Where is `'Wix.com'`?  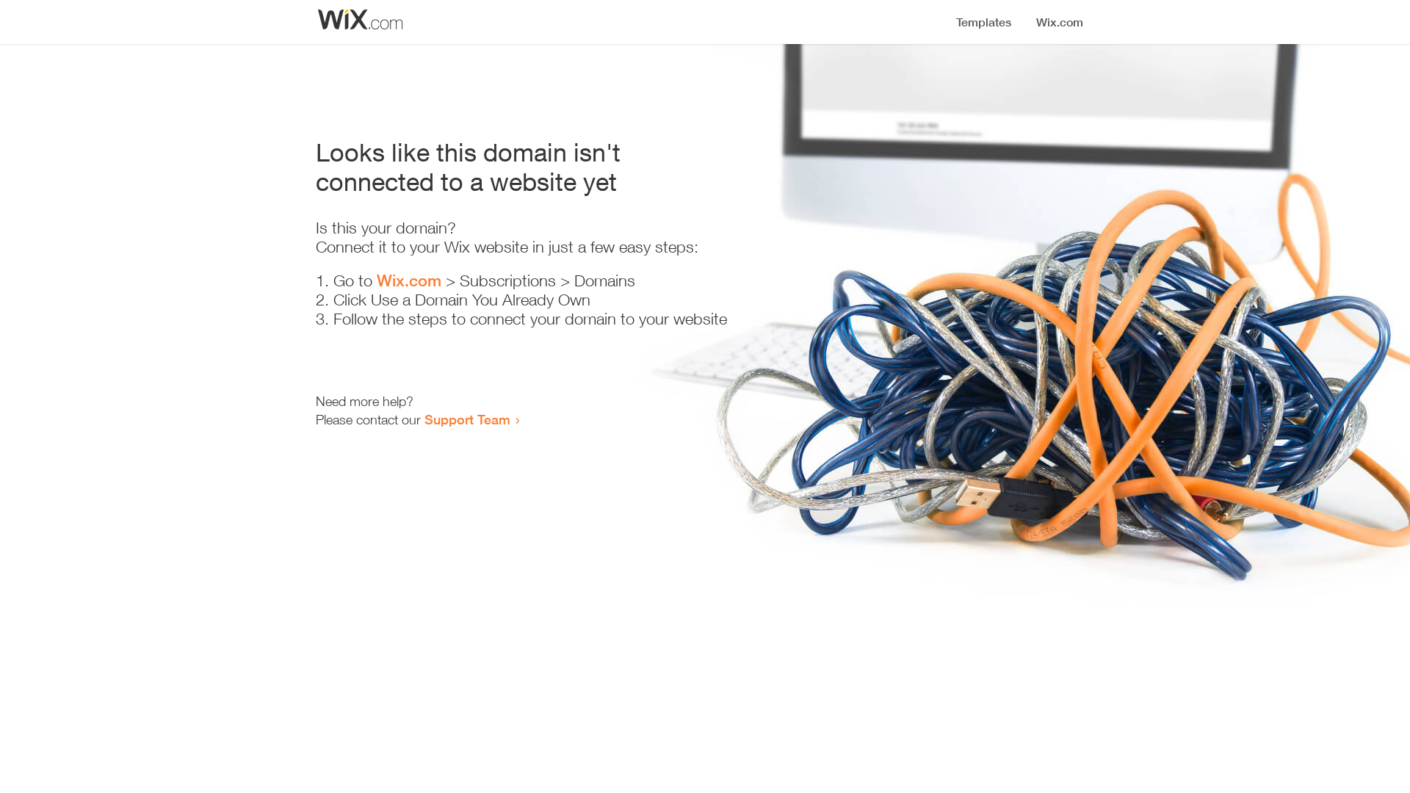 'Wix.com' is located at coordinates (408, 280).